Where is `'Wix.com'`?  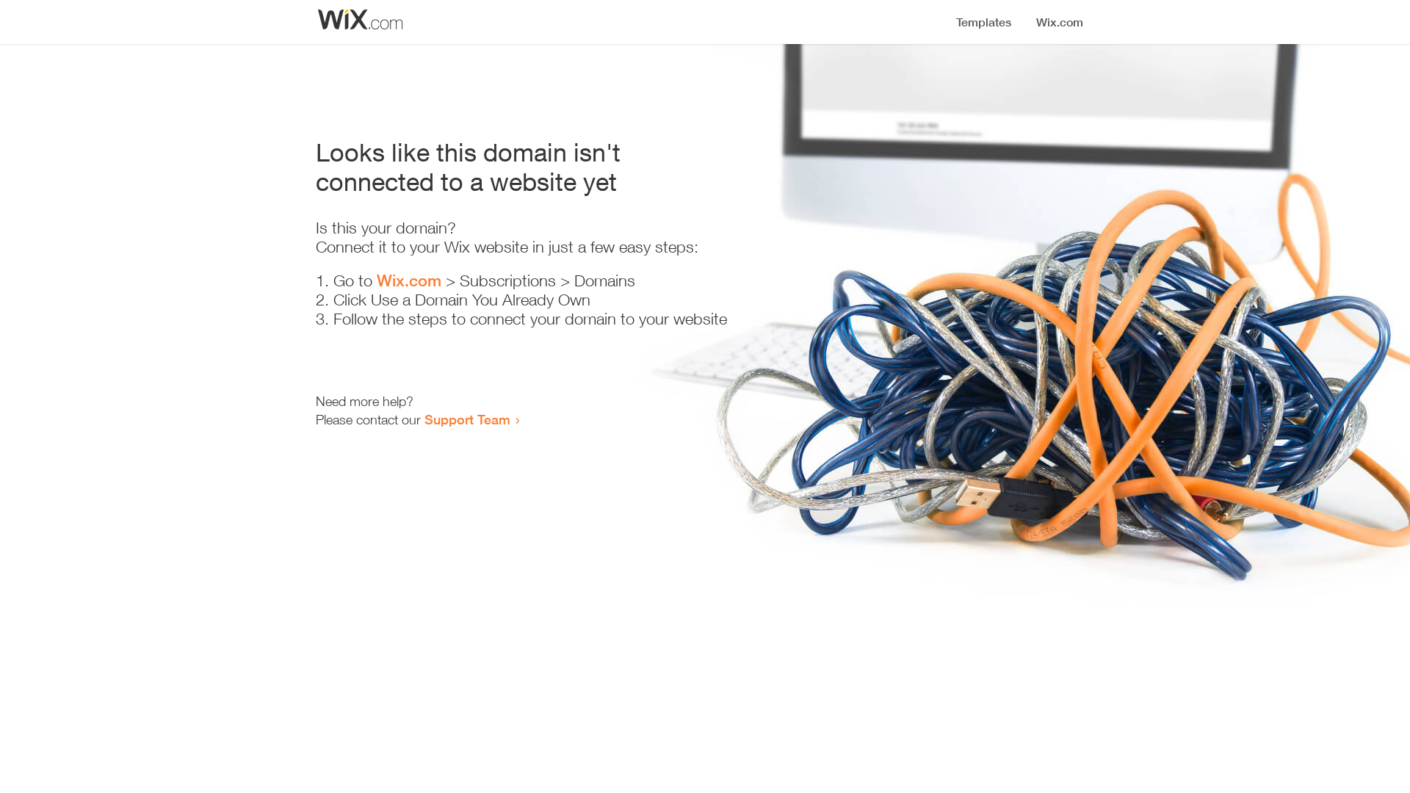 'Wix.com' is located at coordinates (408, 280).